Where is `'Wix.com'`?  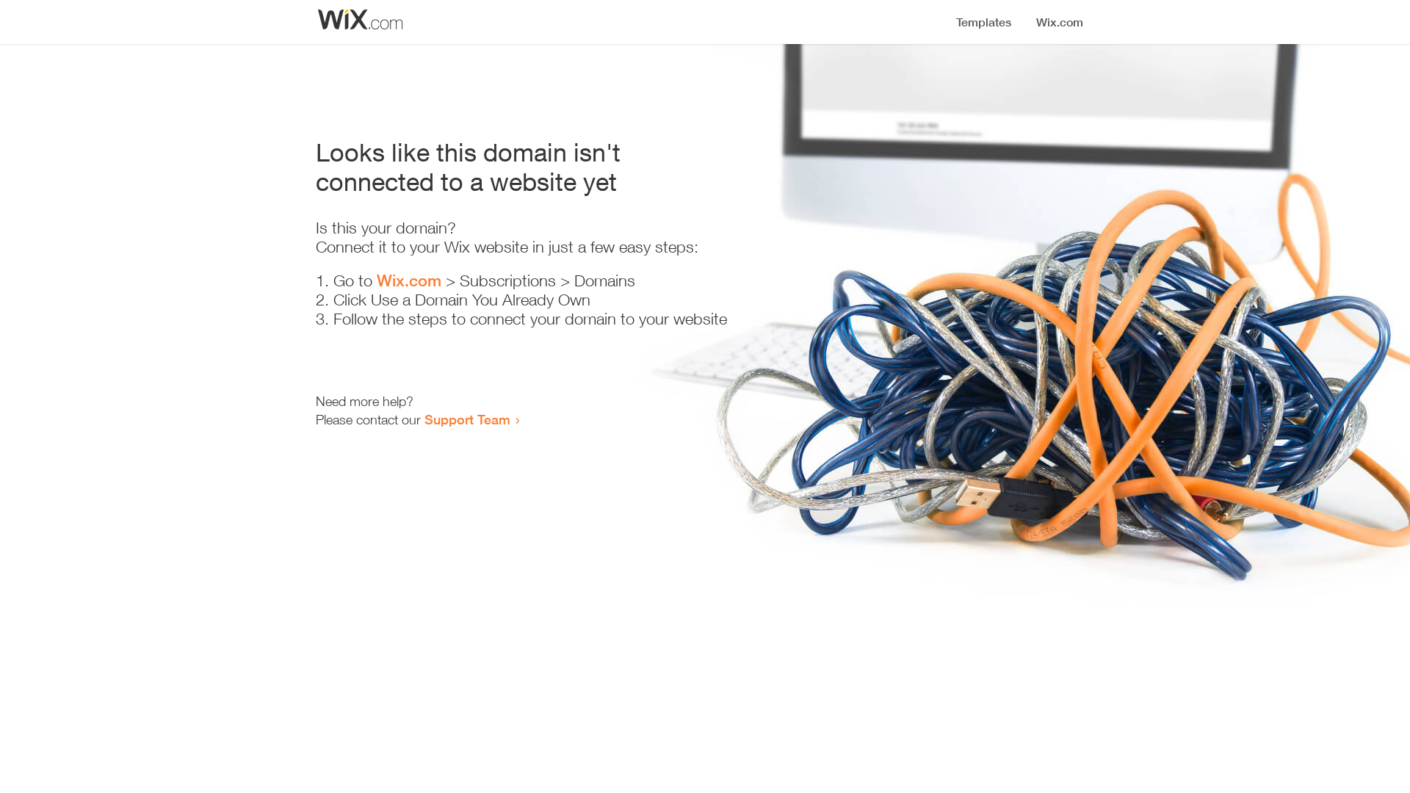 'Wix.com' is located at coordinates (408, 280).